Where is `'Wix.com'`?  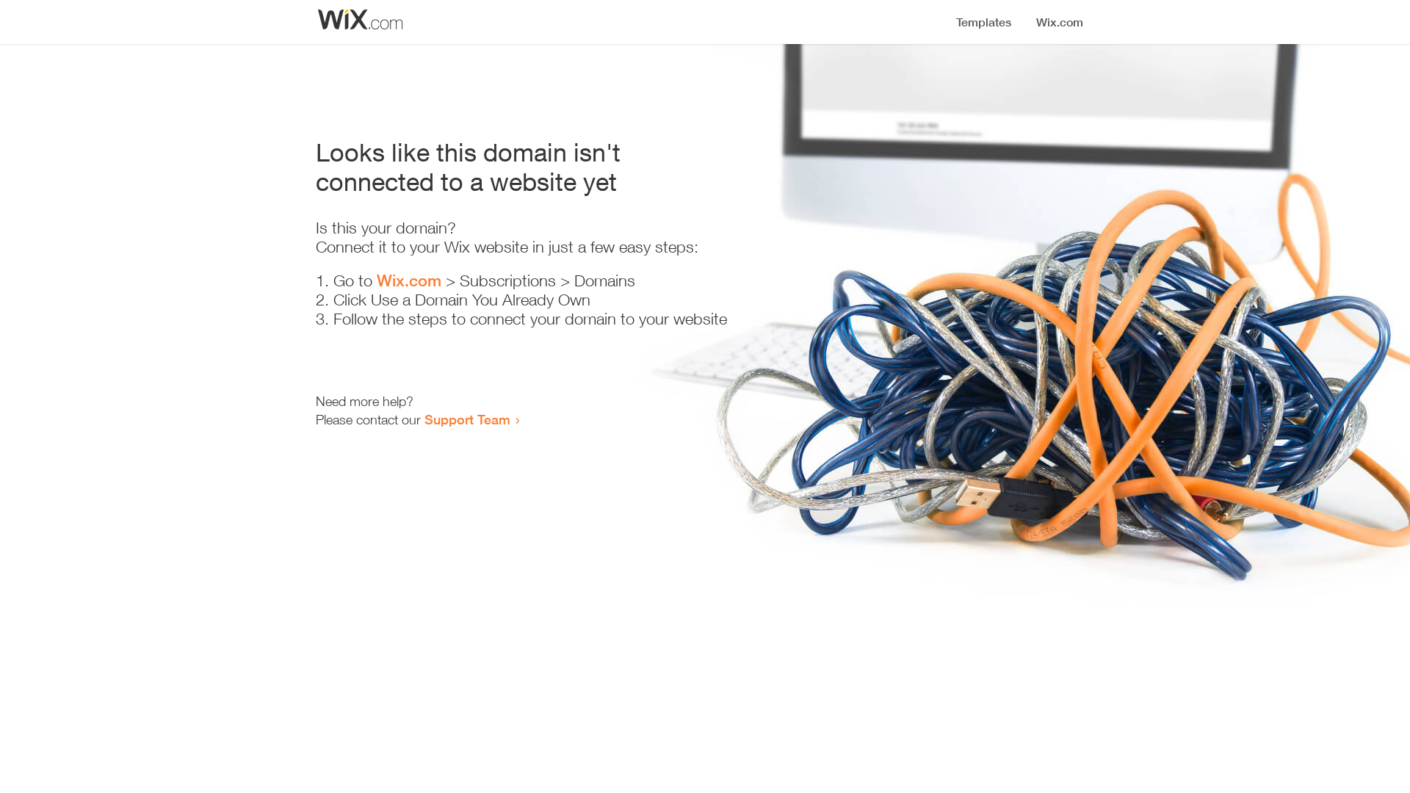 'Wix.com' is located at coordinates (408, 280).